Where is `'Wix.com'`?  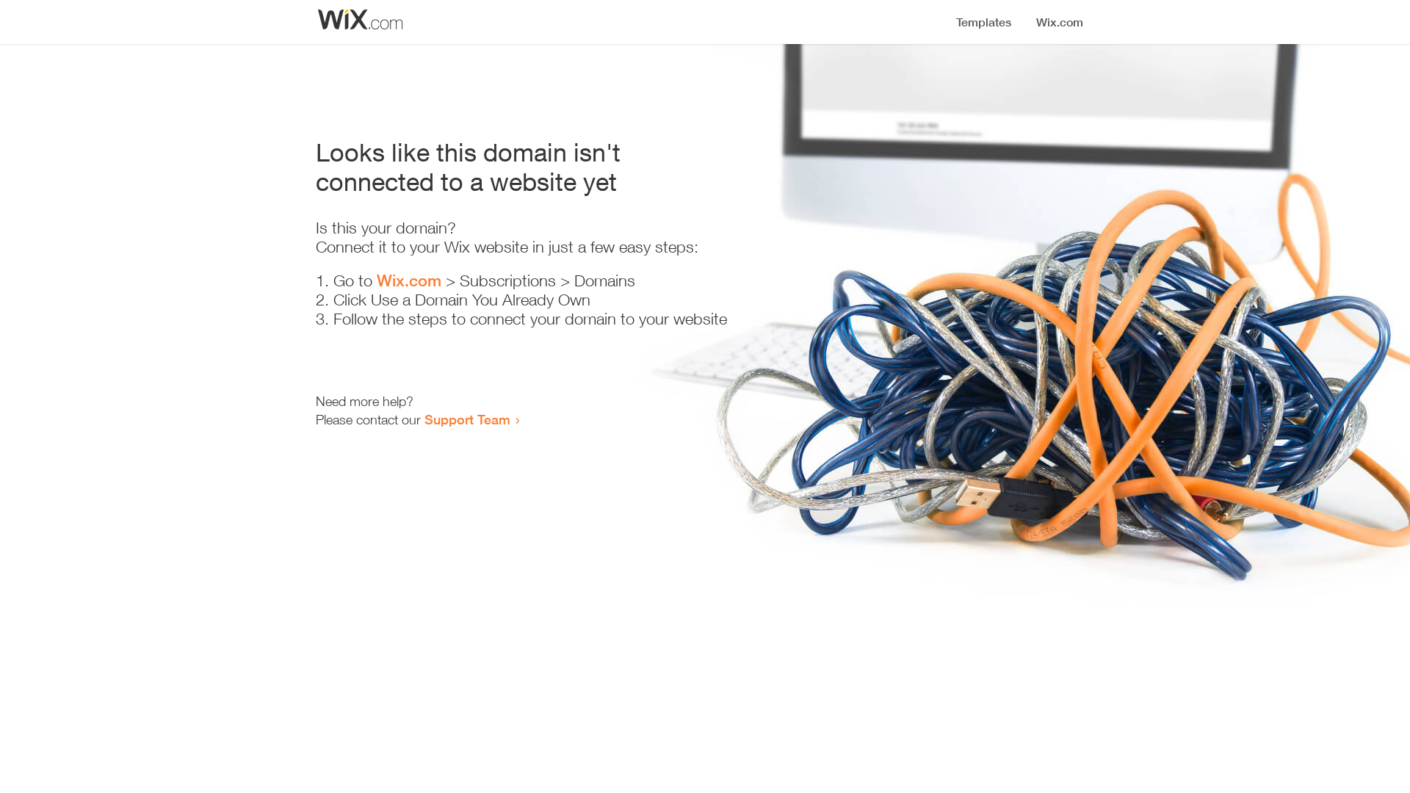 'Wix.com' is located at coordinates (408, 280).